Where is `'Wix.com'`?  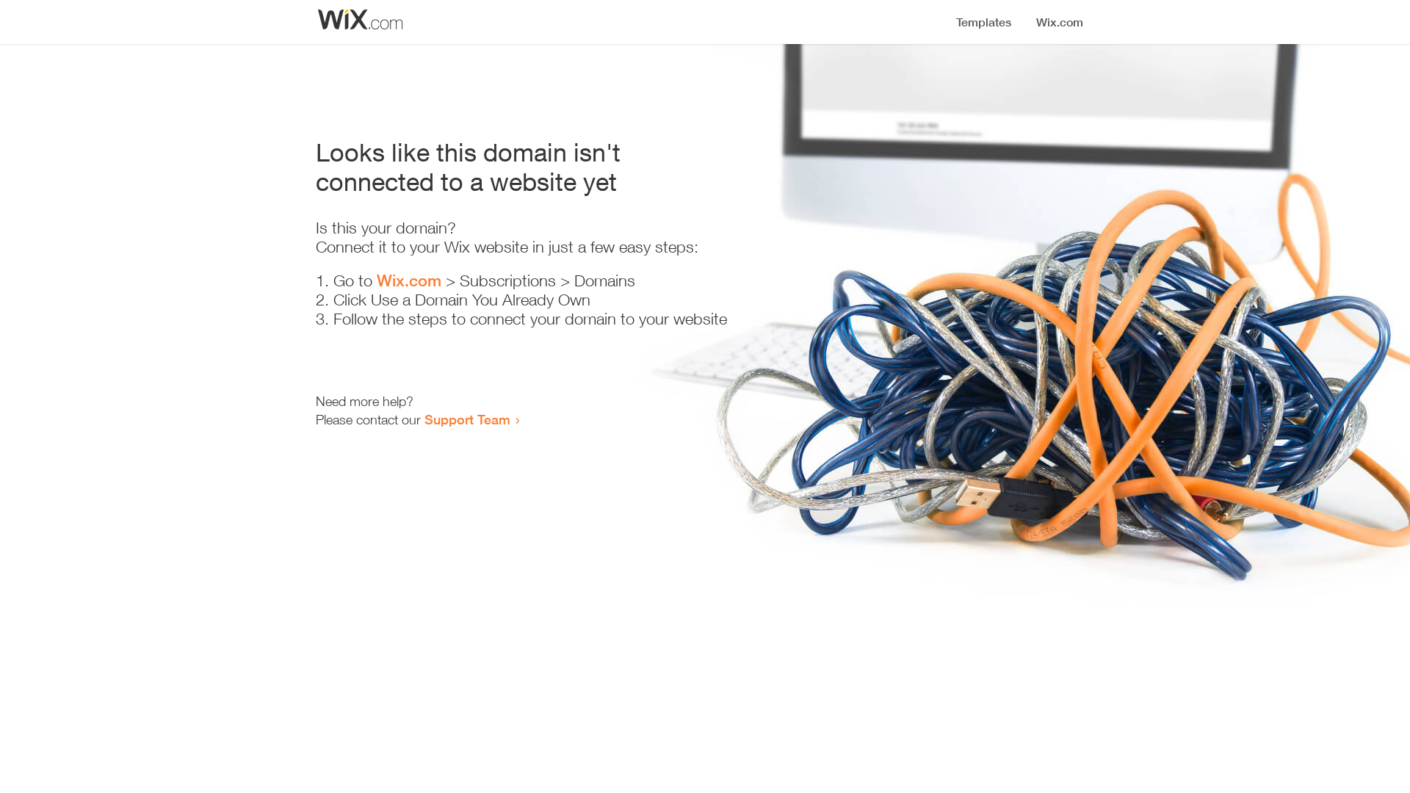 'Wix.com' is located at coordinates (408, 280).